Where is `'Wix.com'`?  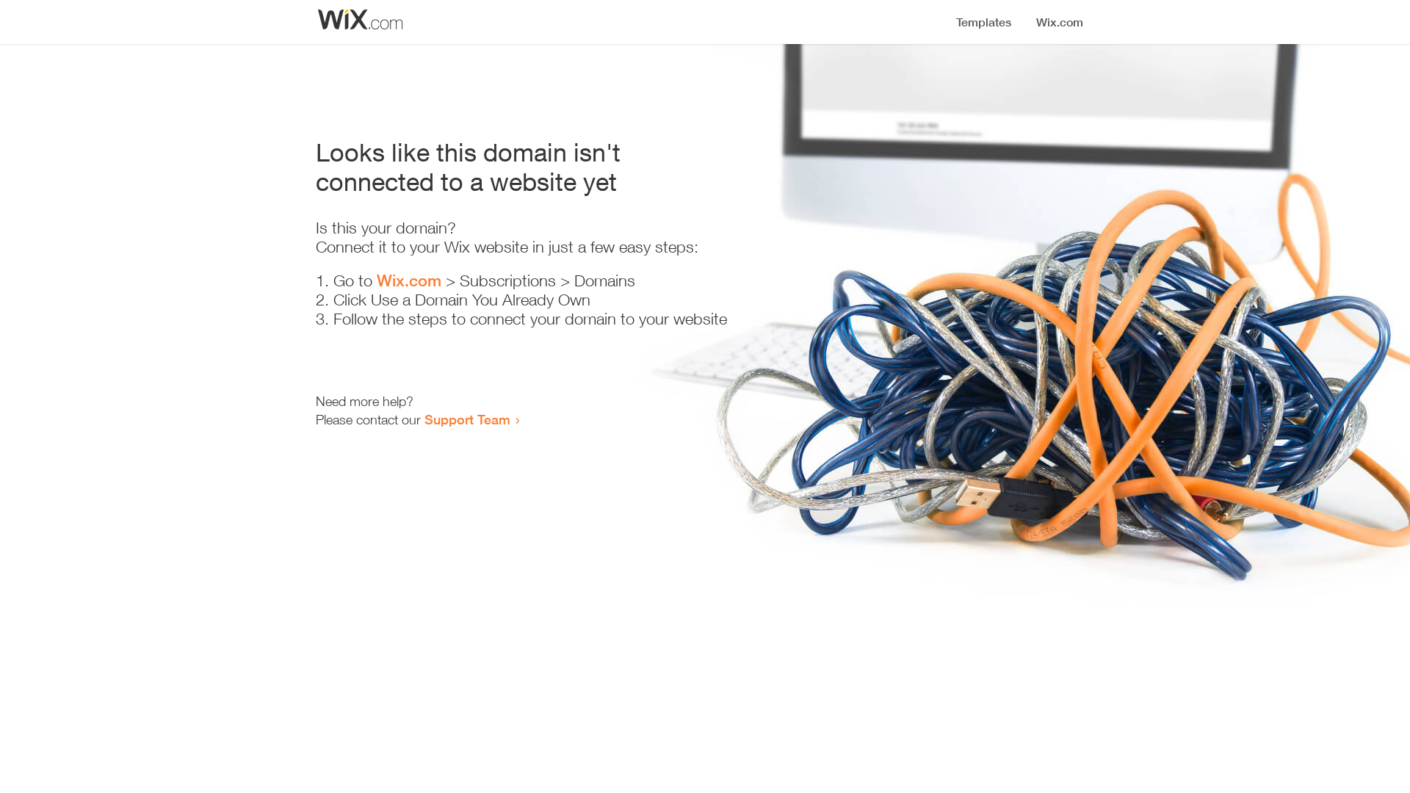 'Wix.com' is located at coordinates (408, 280).